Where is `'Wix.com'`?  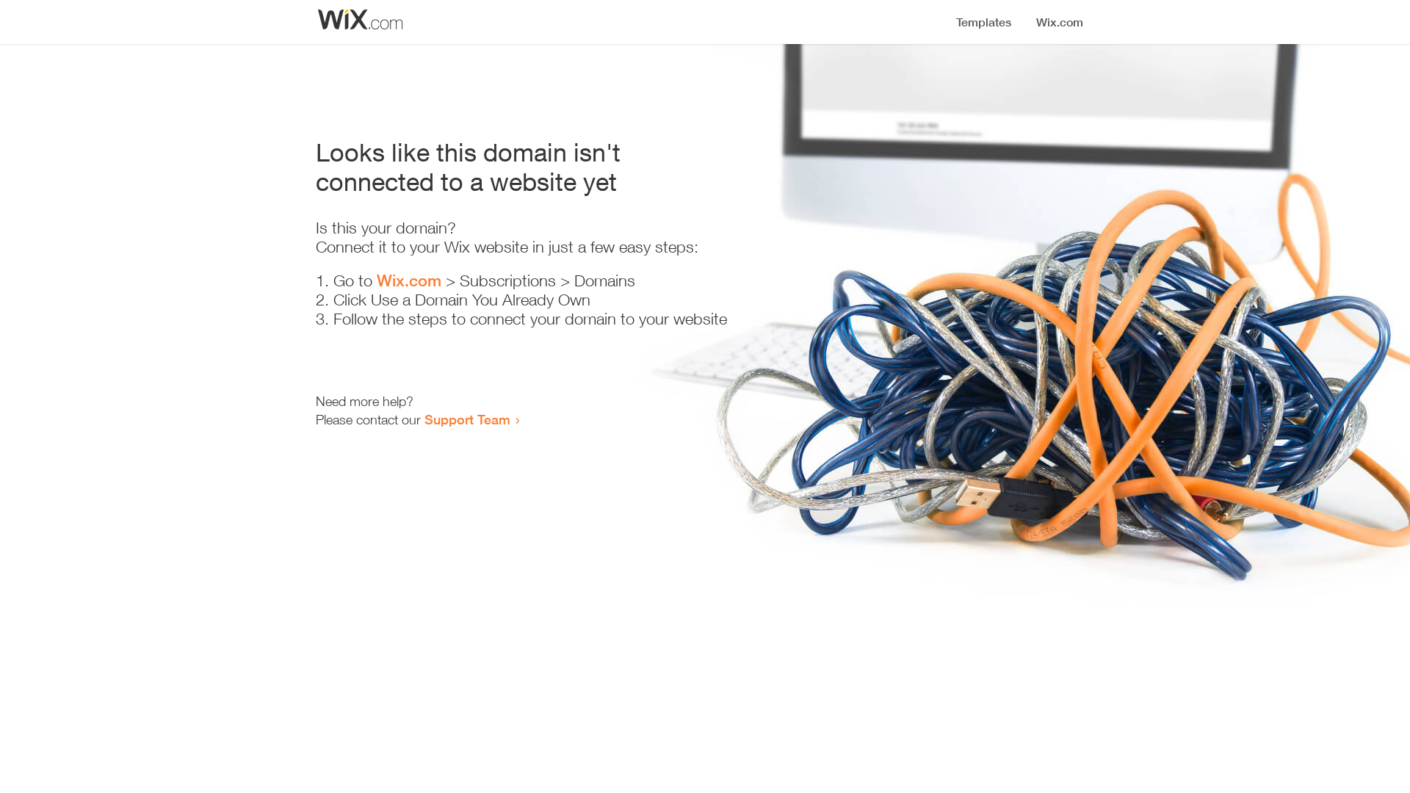 'Wix.com' is located at coordinates (408, 280).